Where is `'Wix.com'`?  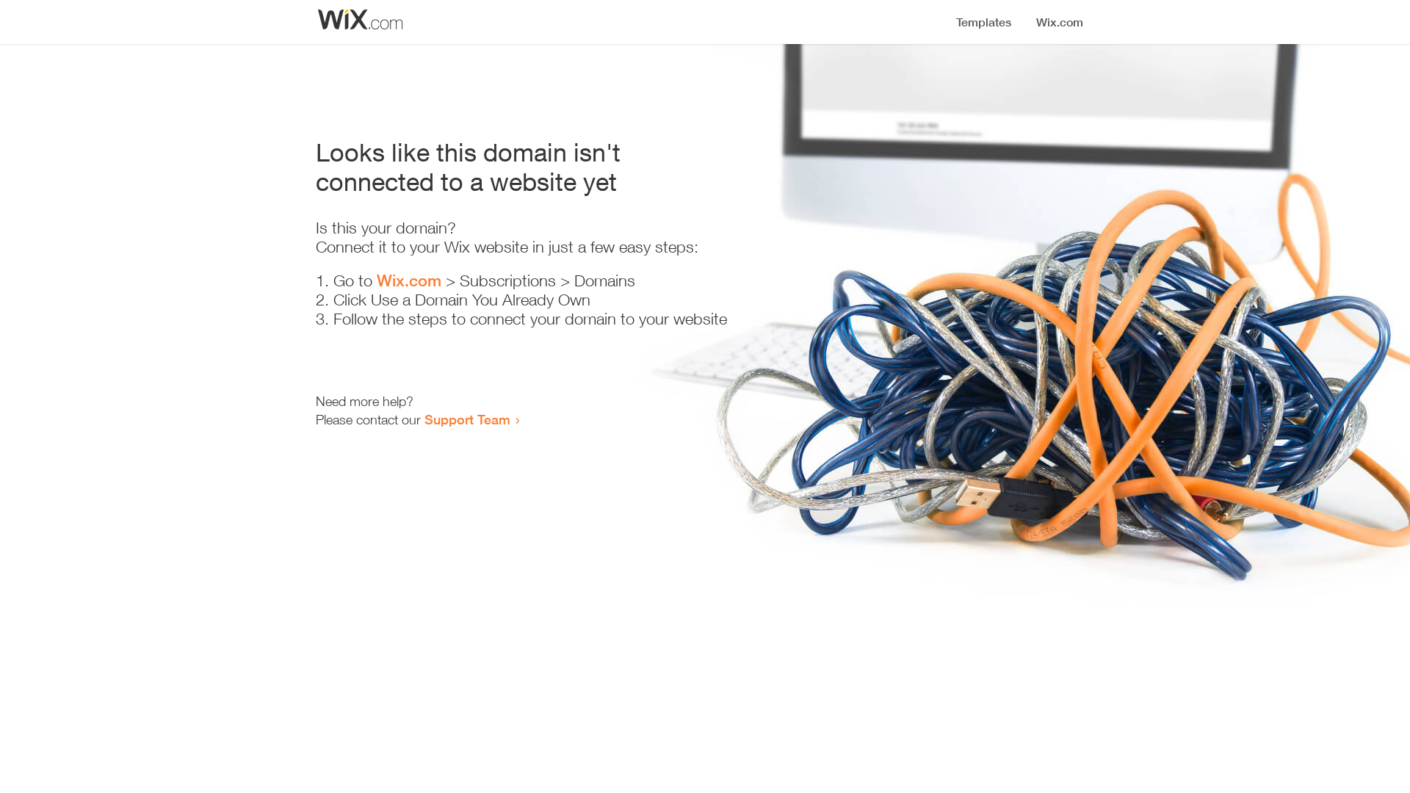 'Wix.com' is located at coordinates (408, 280).